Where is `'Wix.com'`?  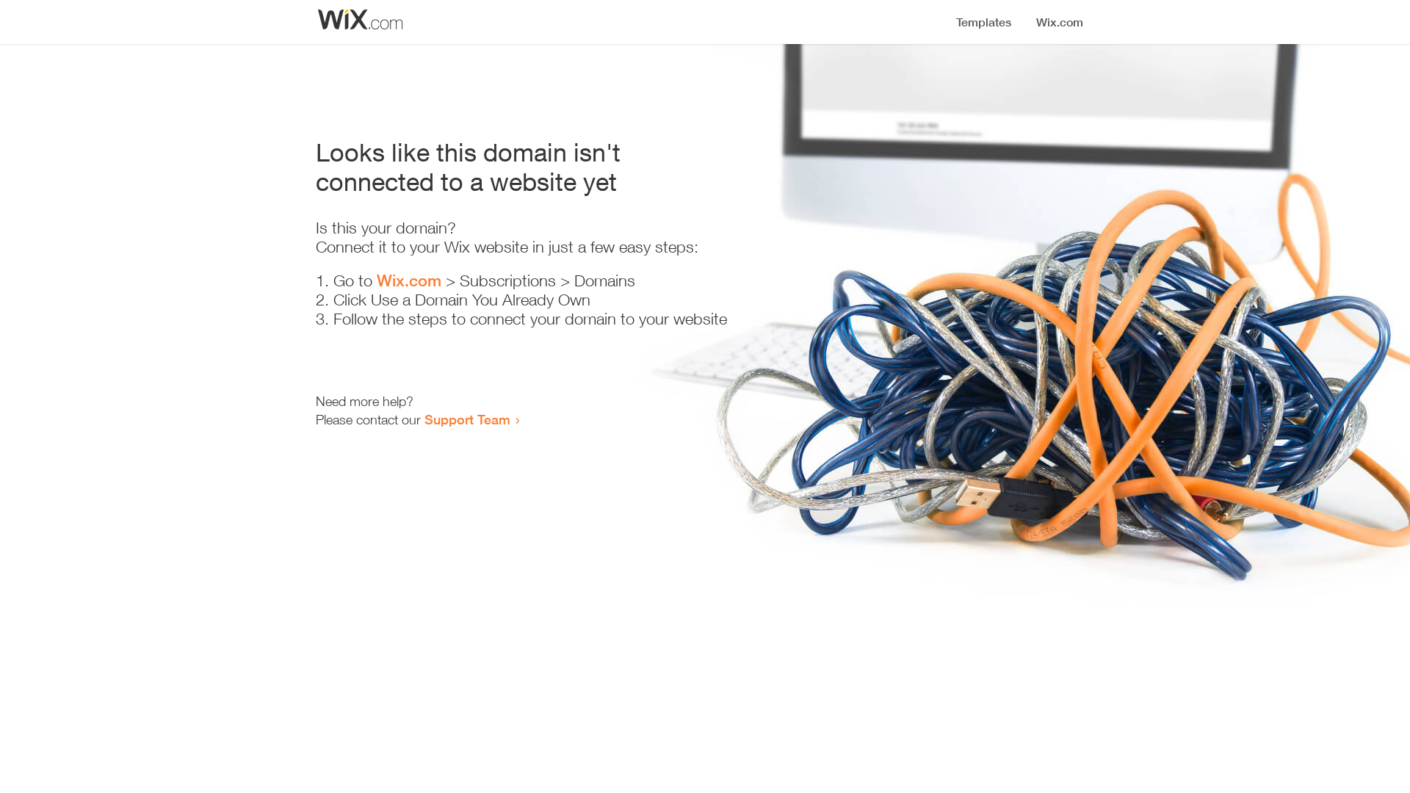 'Wix.com' is located at coordinates (408, 280).